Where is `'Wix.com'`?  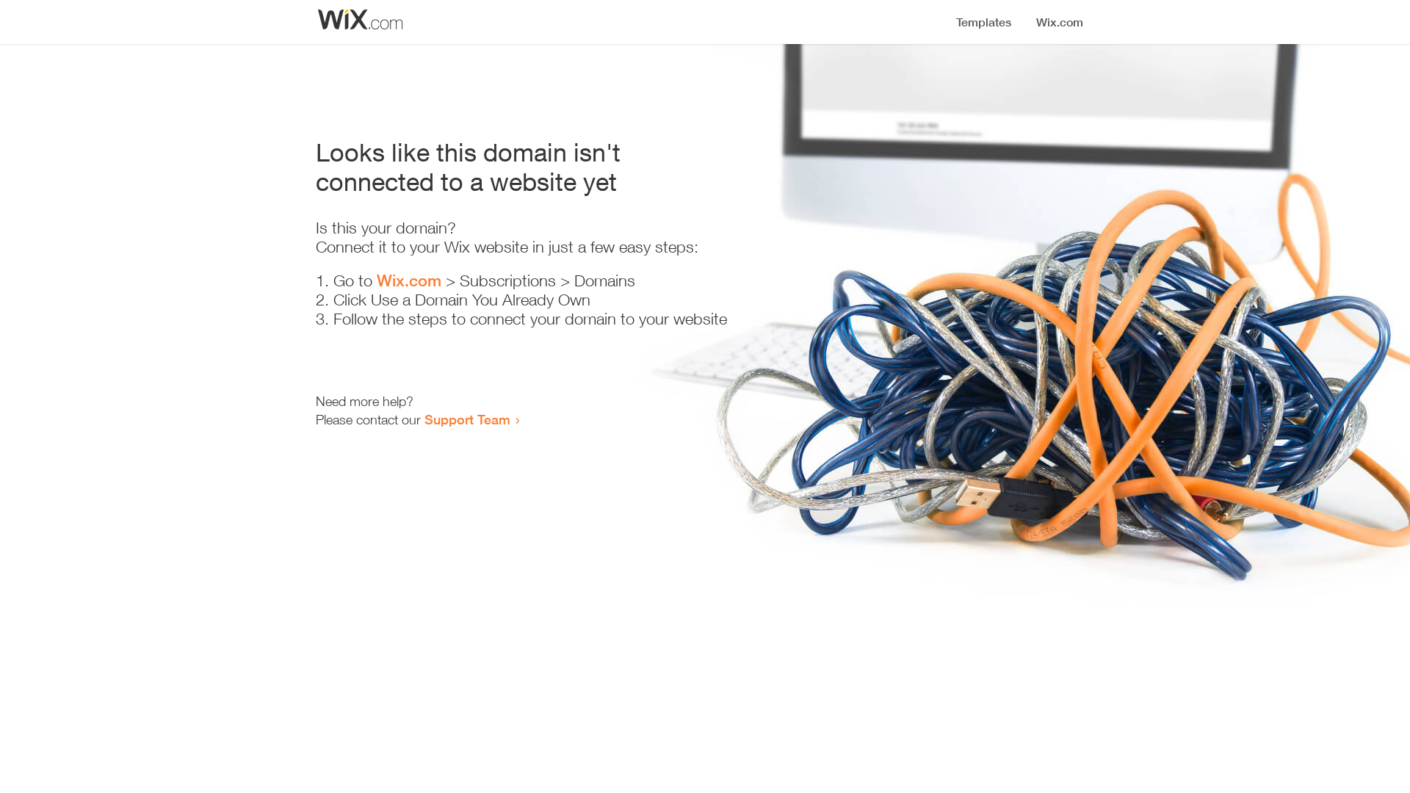 'Wix.com' is located at coordinates (408, 280).